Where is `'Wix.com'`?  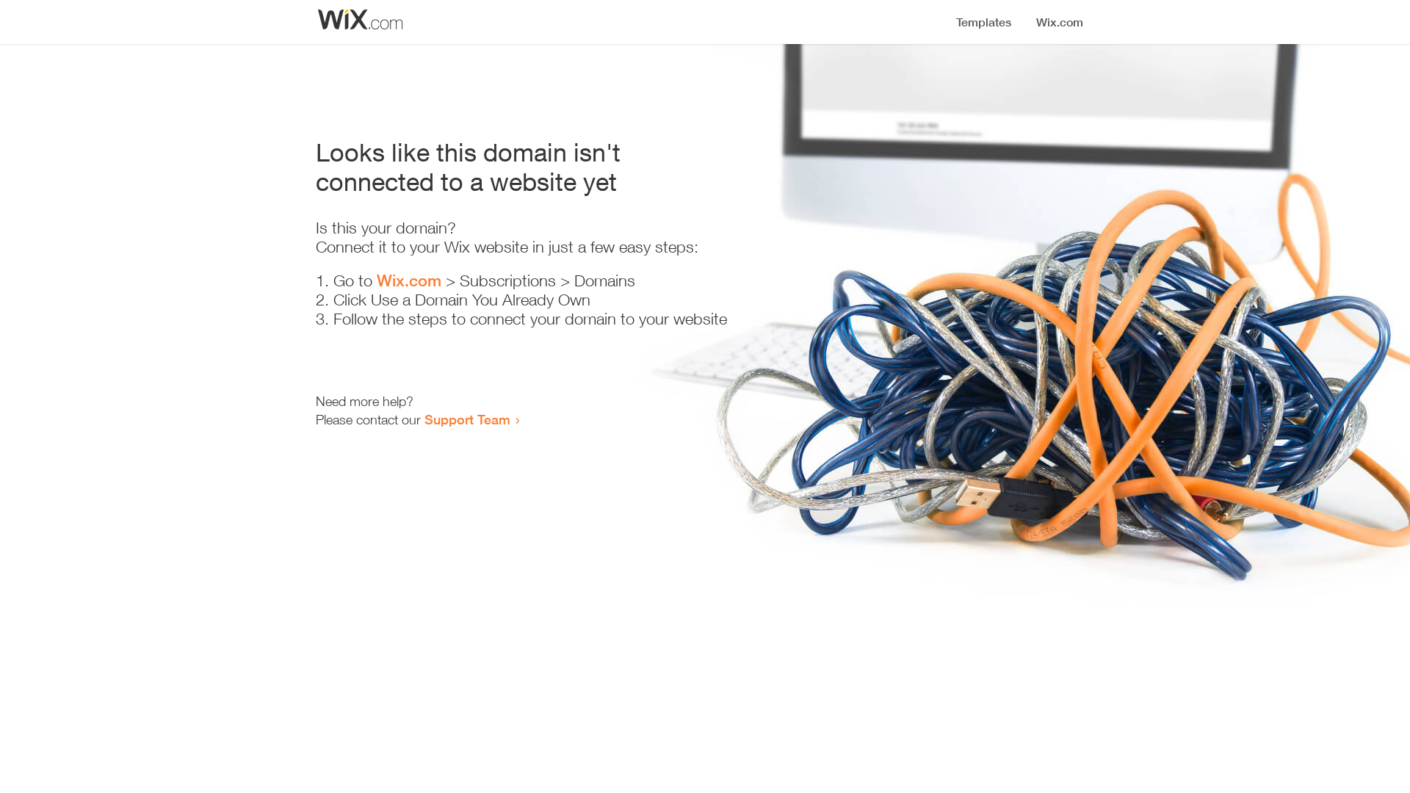 'Wix.com' is located at coordinates (408, 280).